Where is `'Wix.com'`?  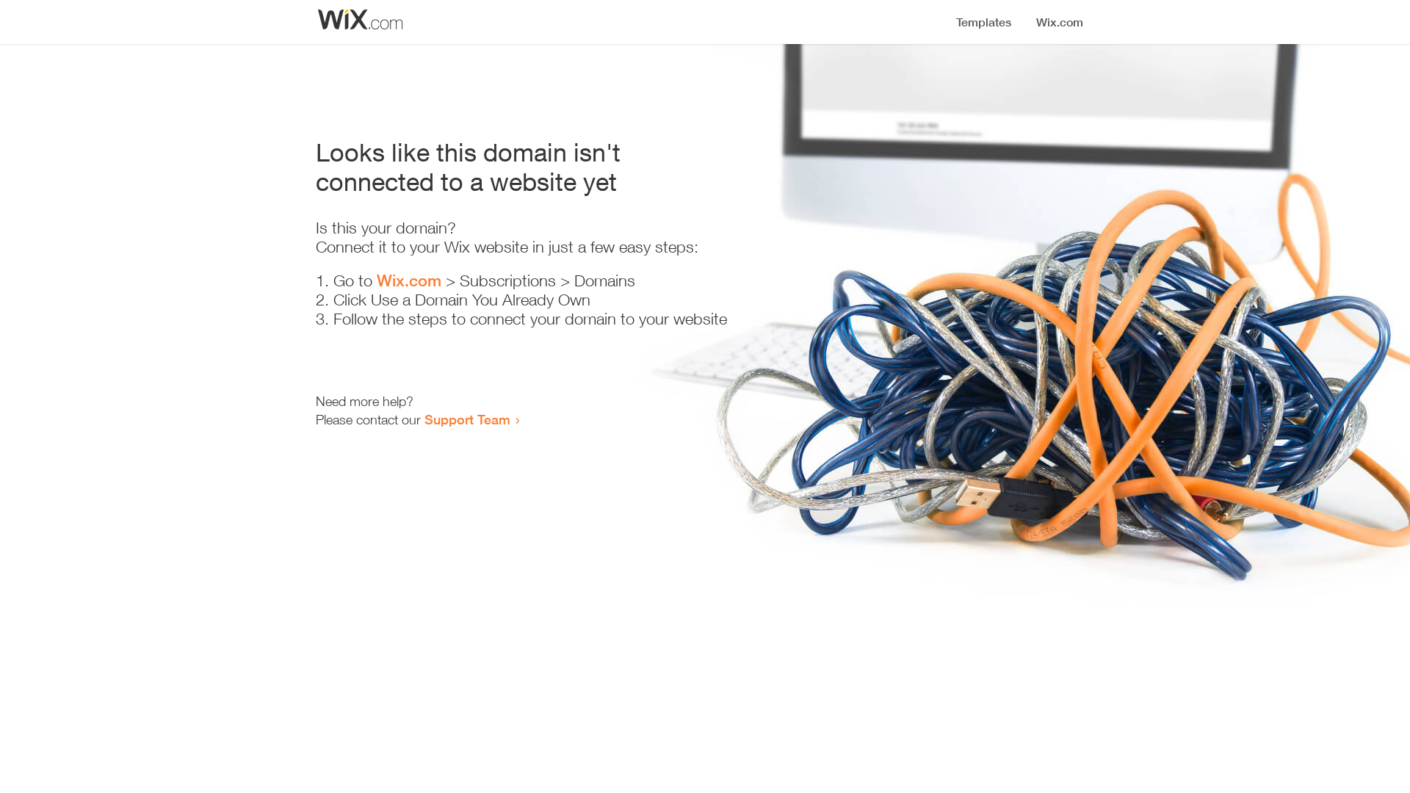 'Wix.com' is located at coordinates (408, 280).